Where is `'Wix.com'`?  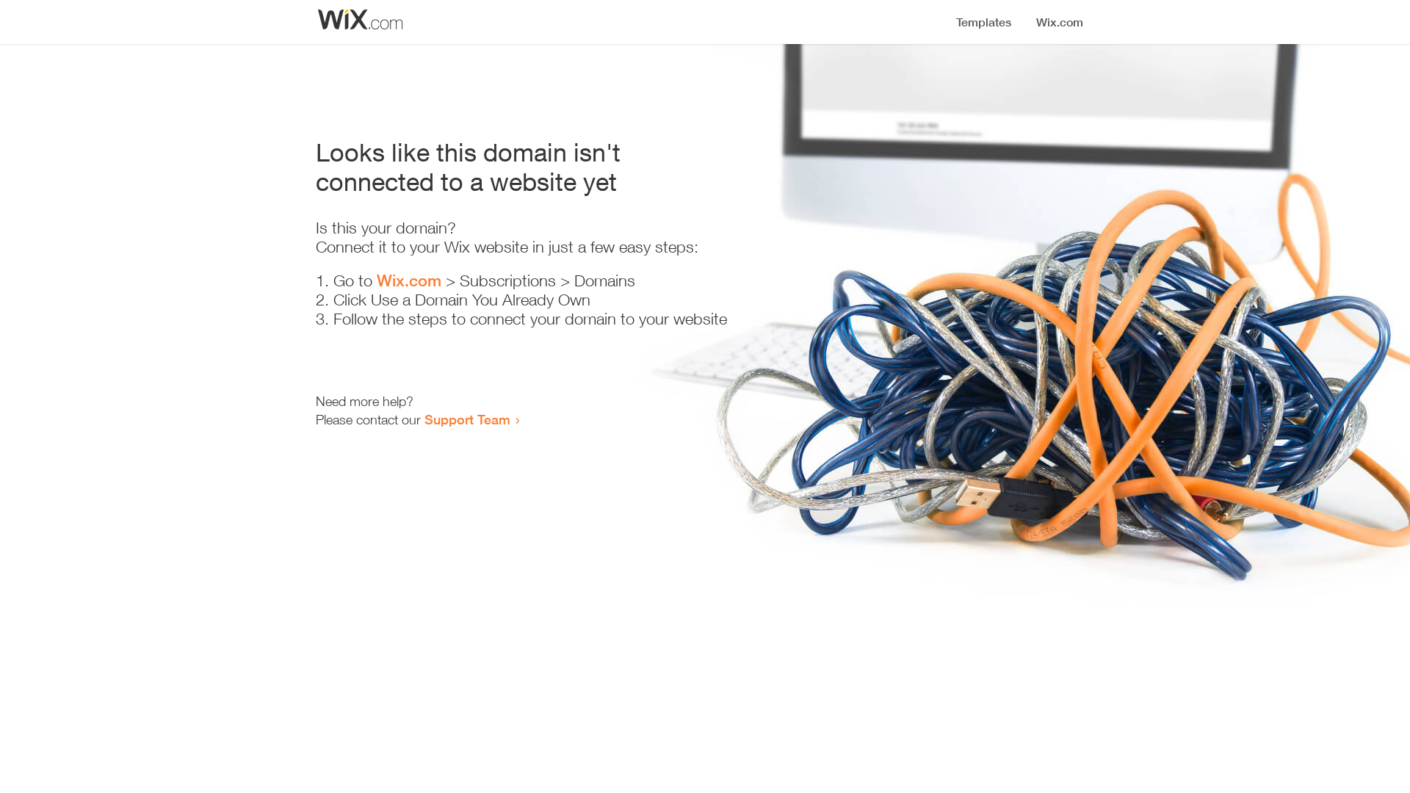 'Wix.com' is located at coordinates (408, 280).